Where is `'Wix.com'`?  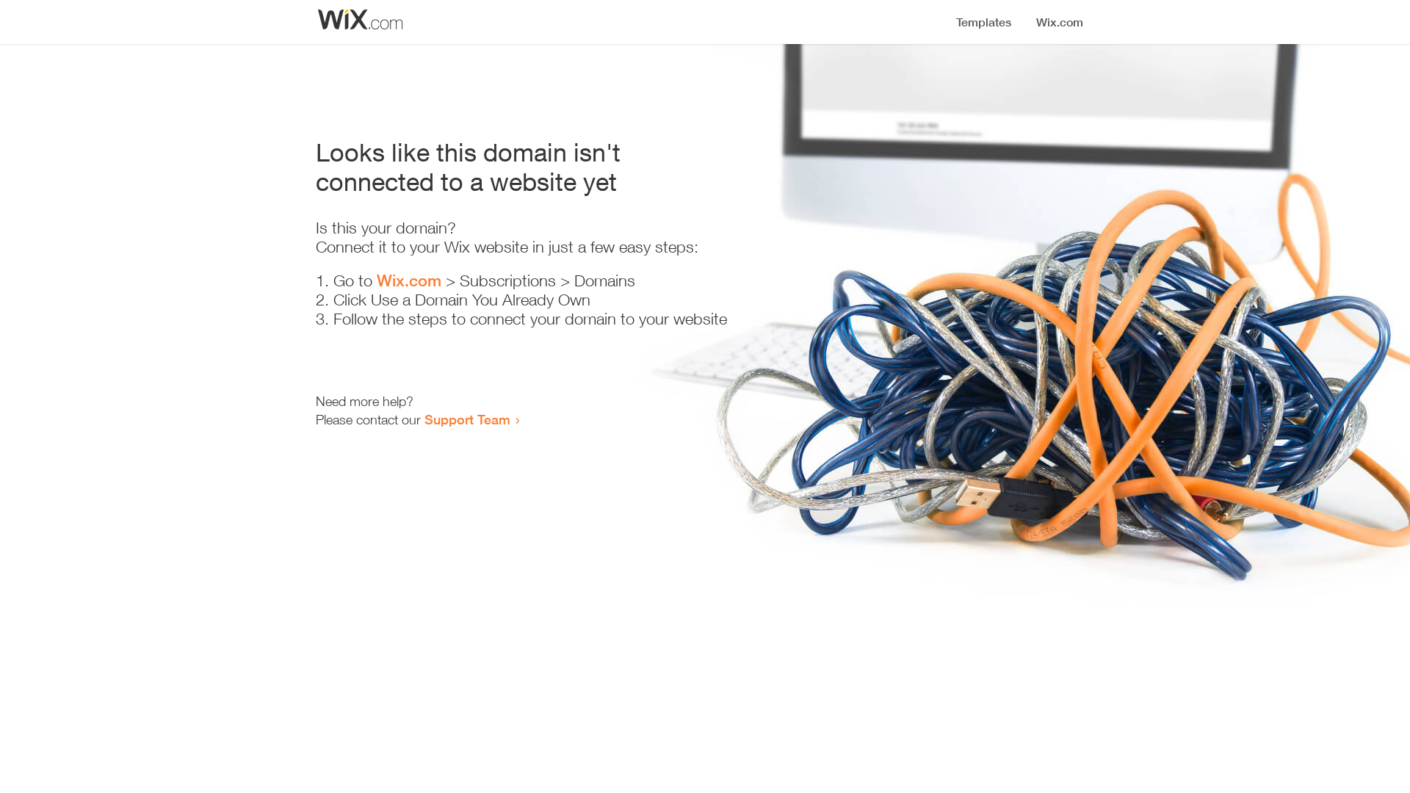 'Wix.com' is located at coordinates (408, 280).